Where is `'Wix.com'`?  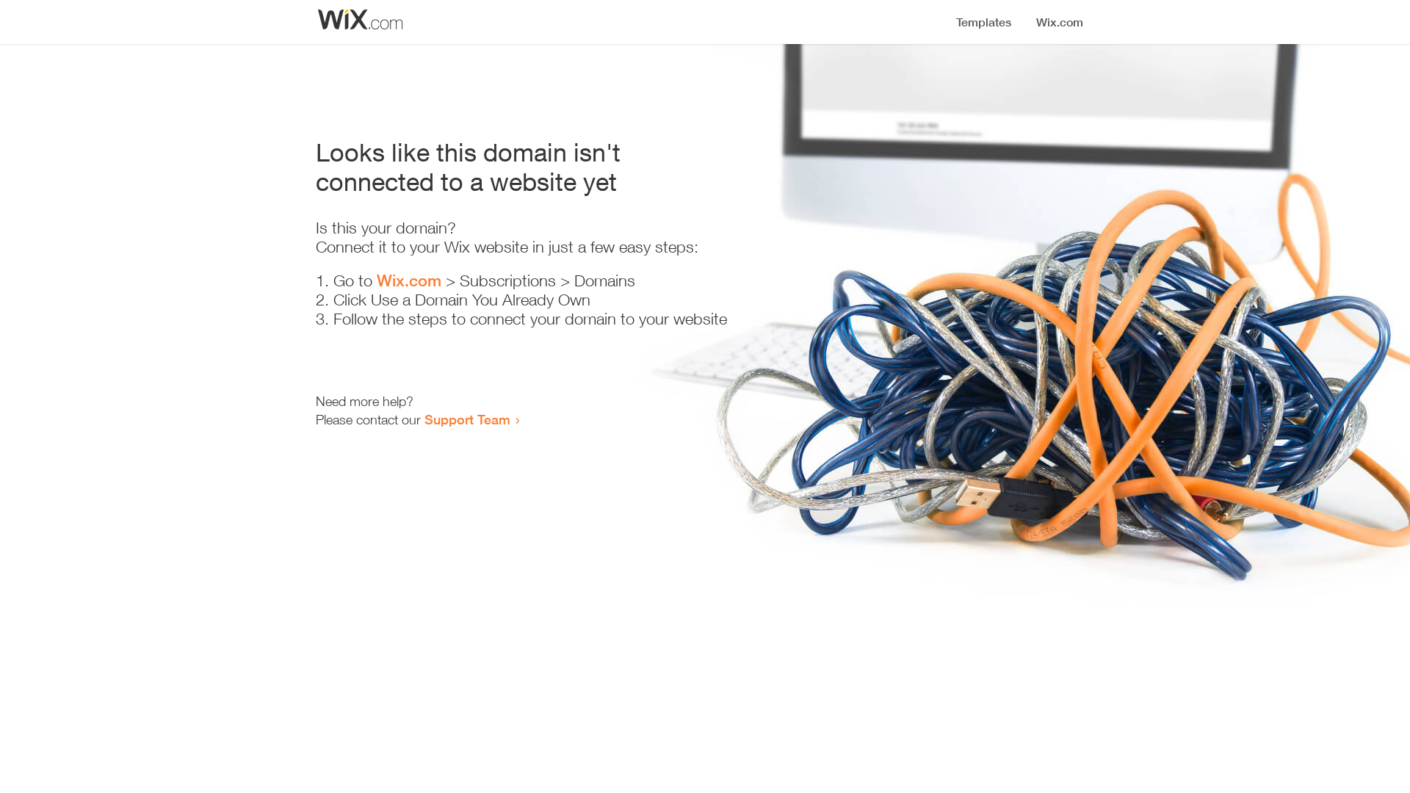 'Wix.com' is located at coordinates (408, 280).